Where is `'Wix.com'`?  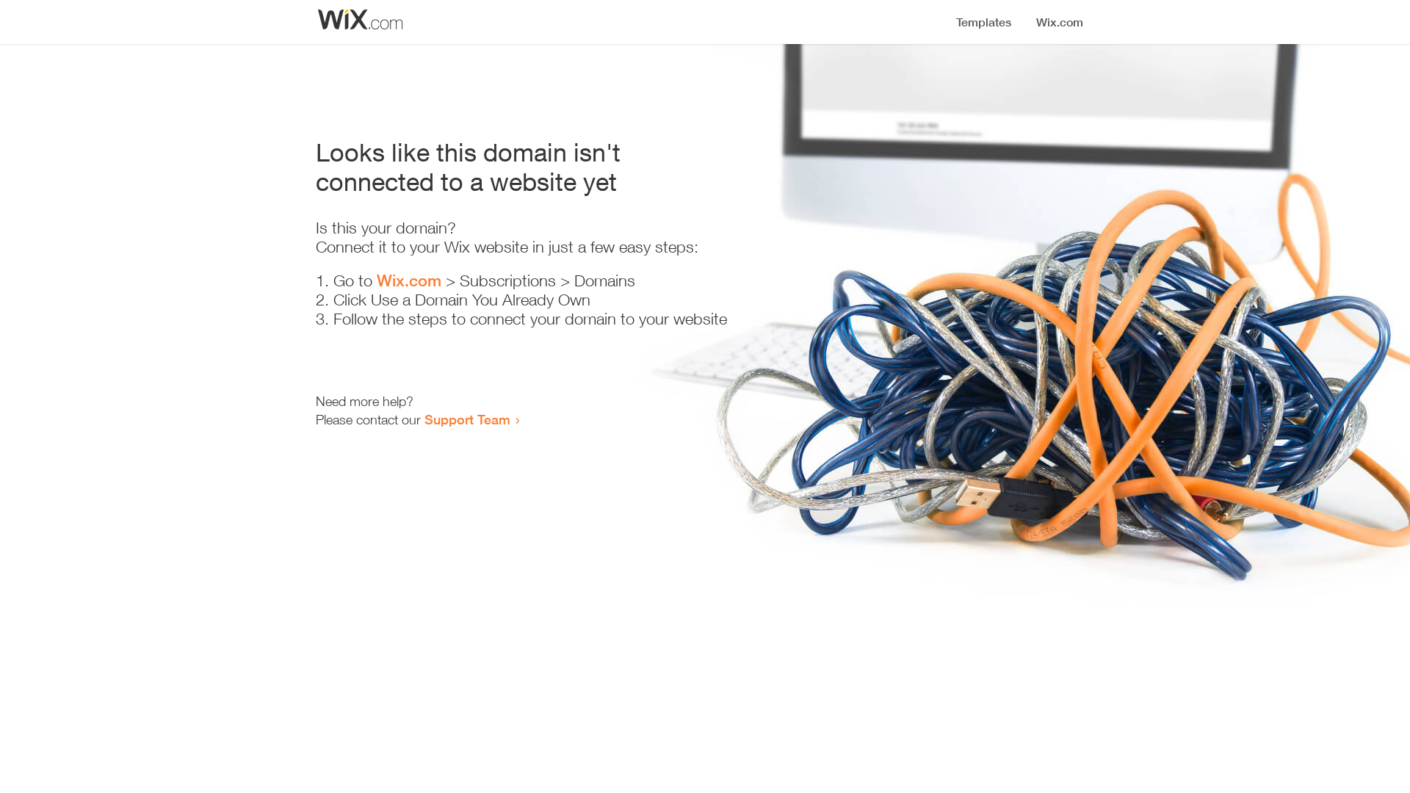 'Wix.com' is located at coordinates (408, 280).